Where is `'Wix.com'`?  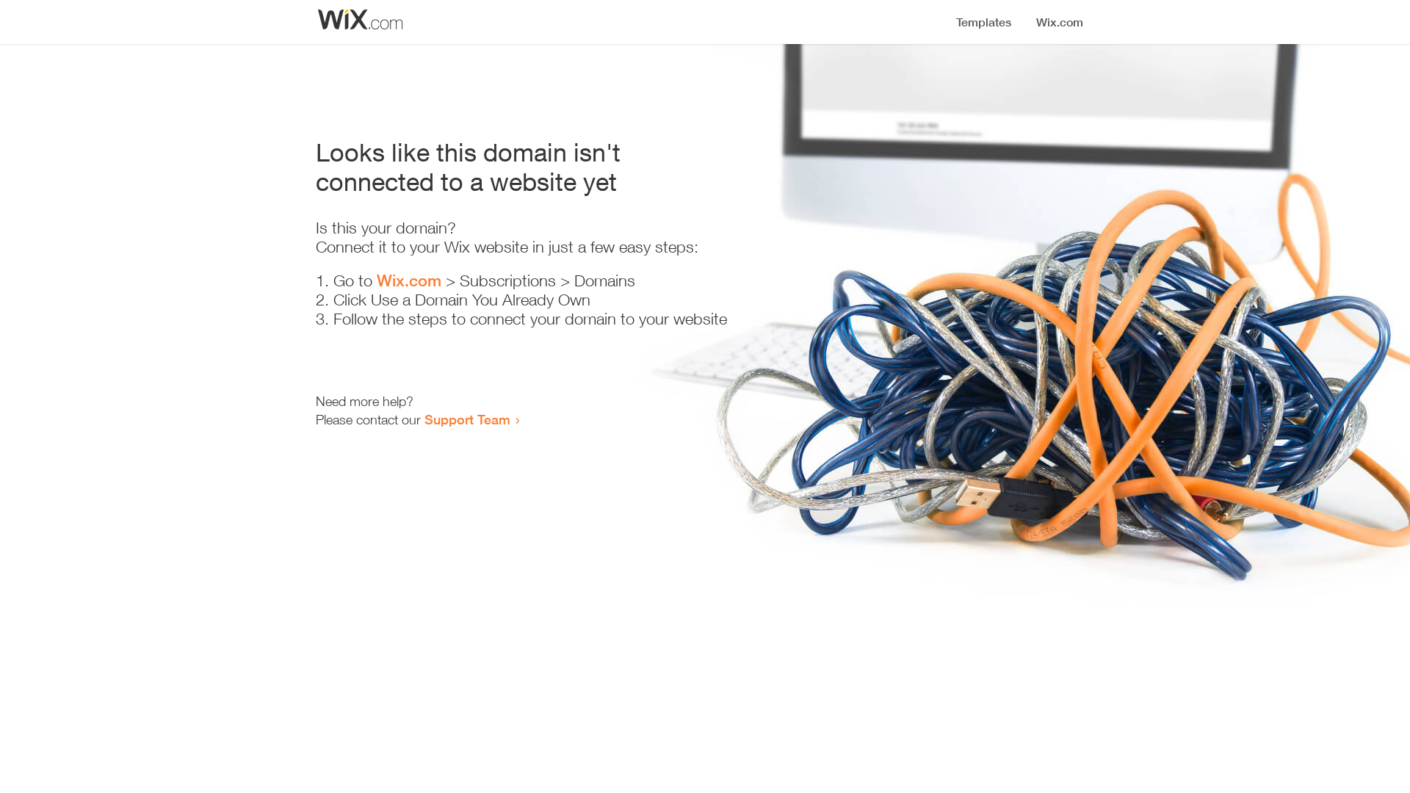 'Wix.com' is located at coordinates (408, 280).